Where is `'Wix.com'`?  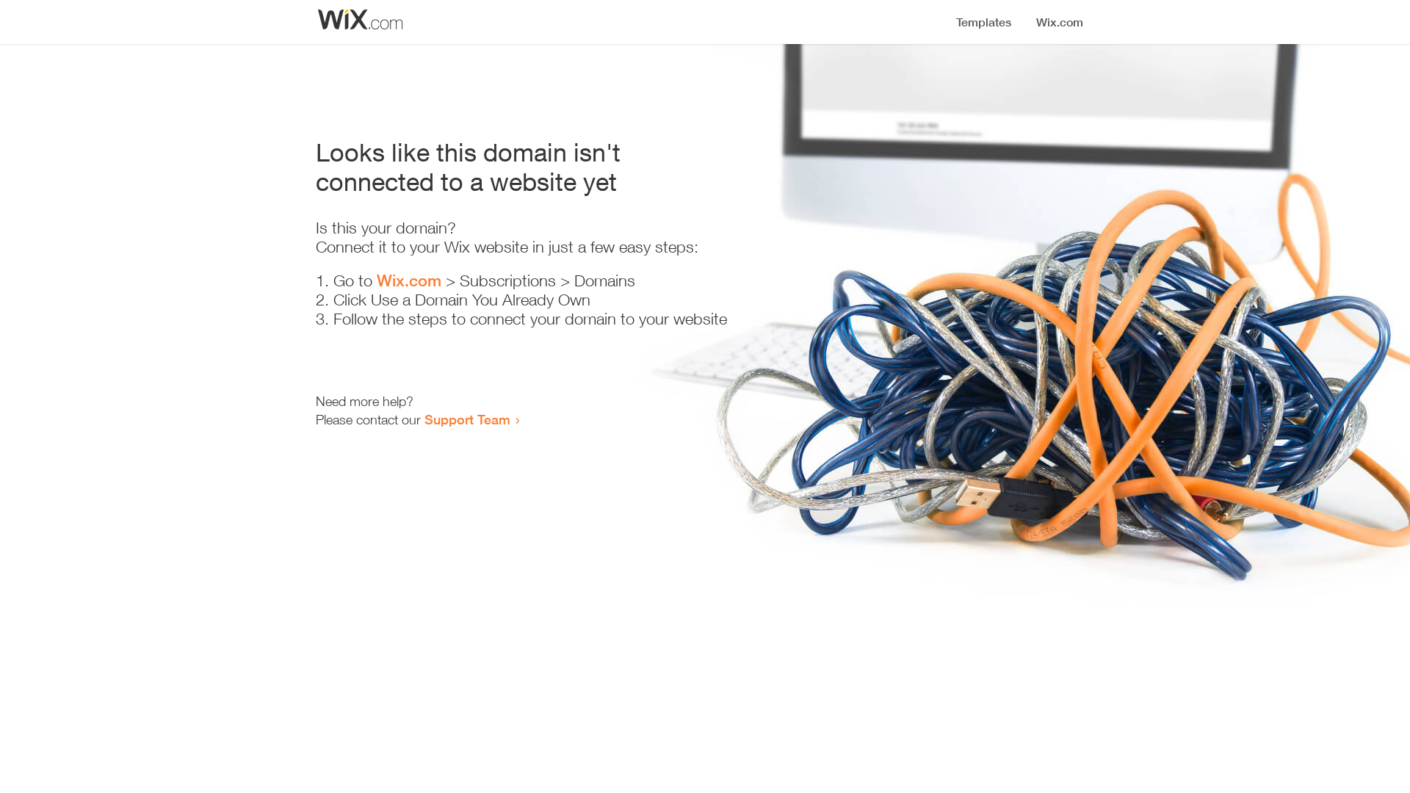 'Wix.com' is located at coordinates (408, 280).